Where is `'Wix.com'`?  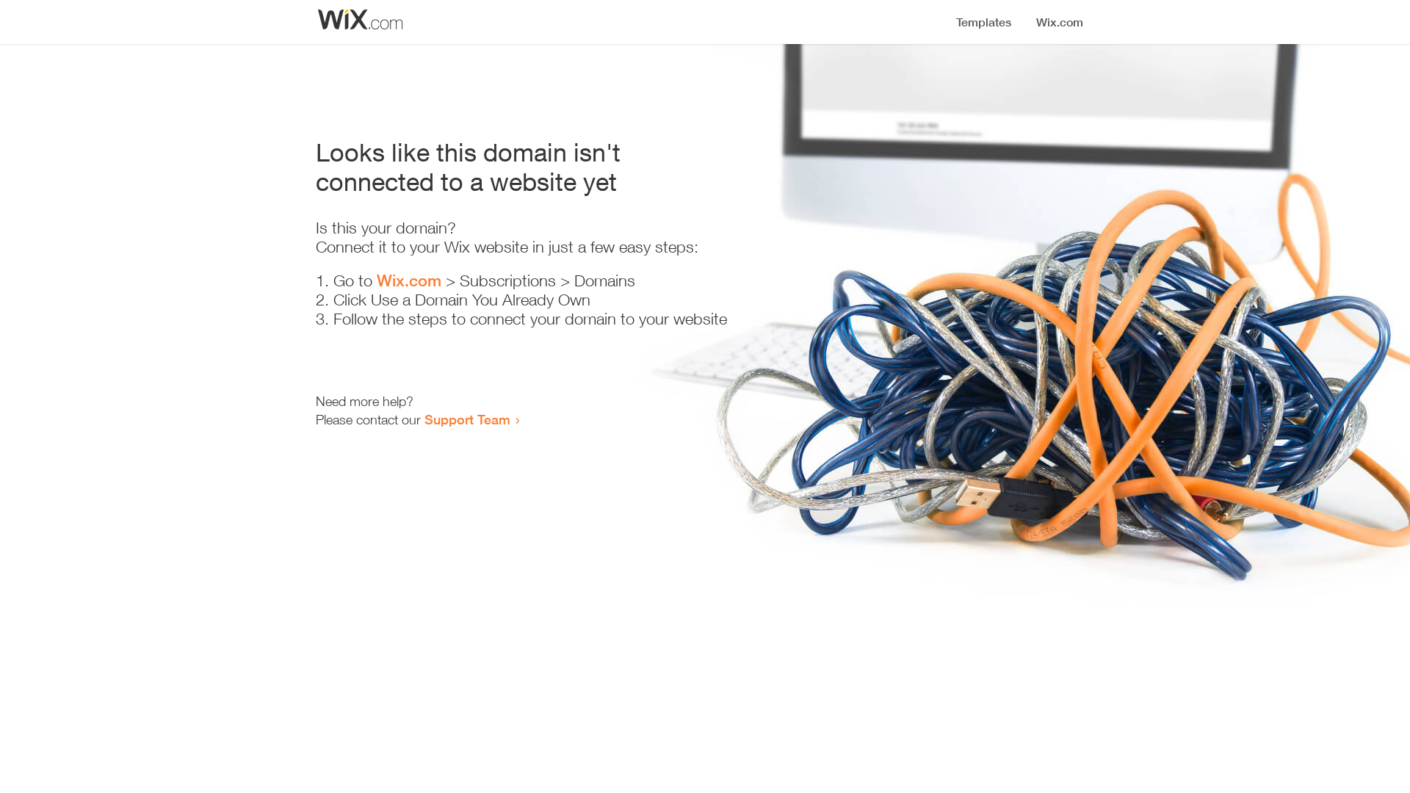 'Wix.com' is located at coordinates (408, 280).